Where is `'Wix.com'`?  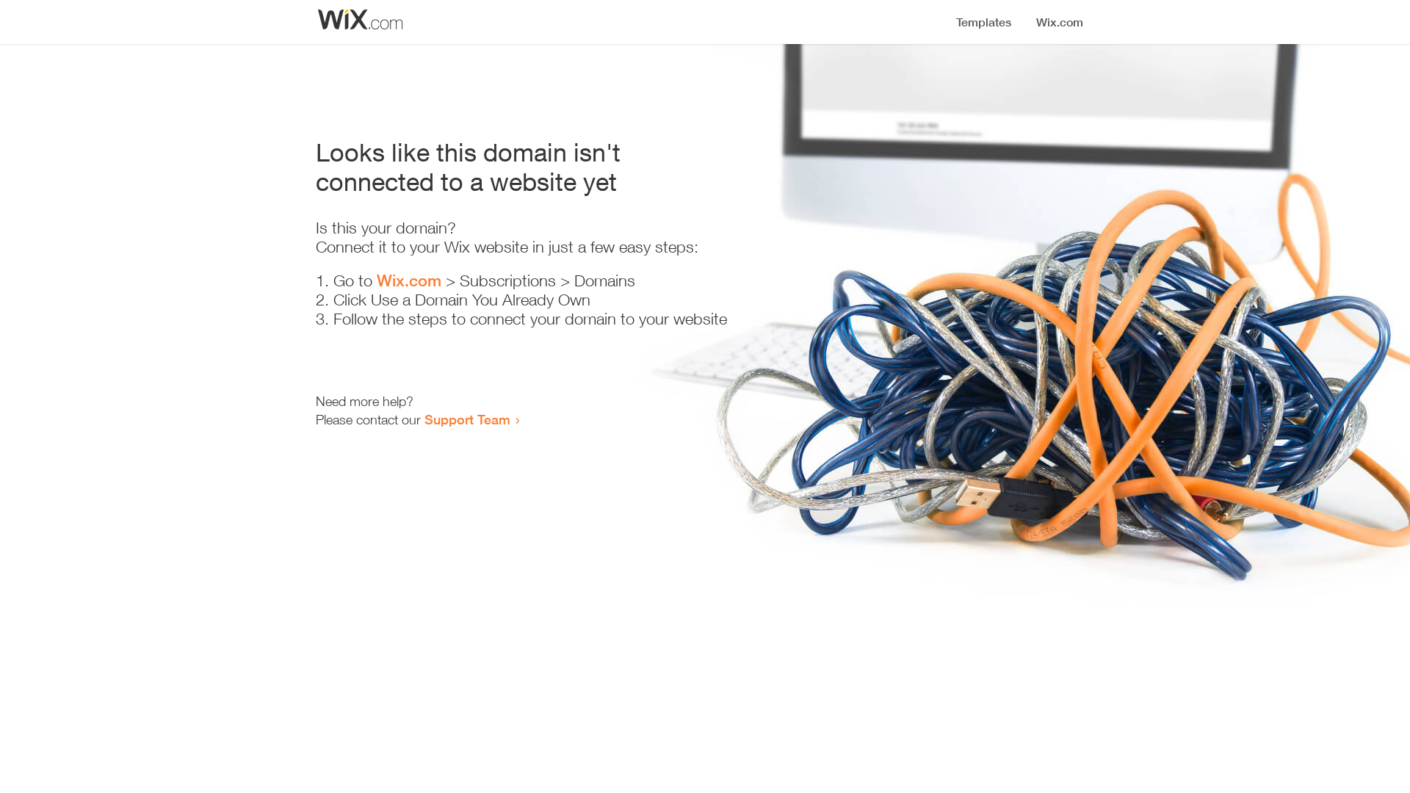 'Wix.com' is located at coordinates (408, 280).